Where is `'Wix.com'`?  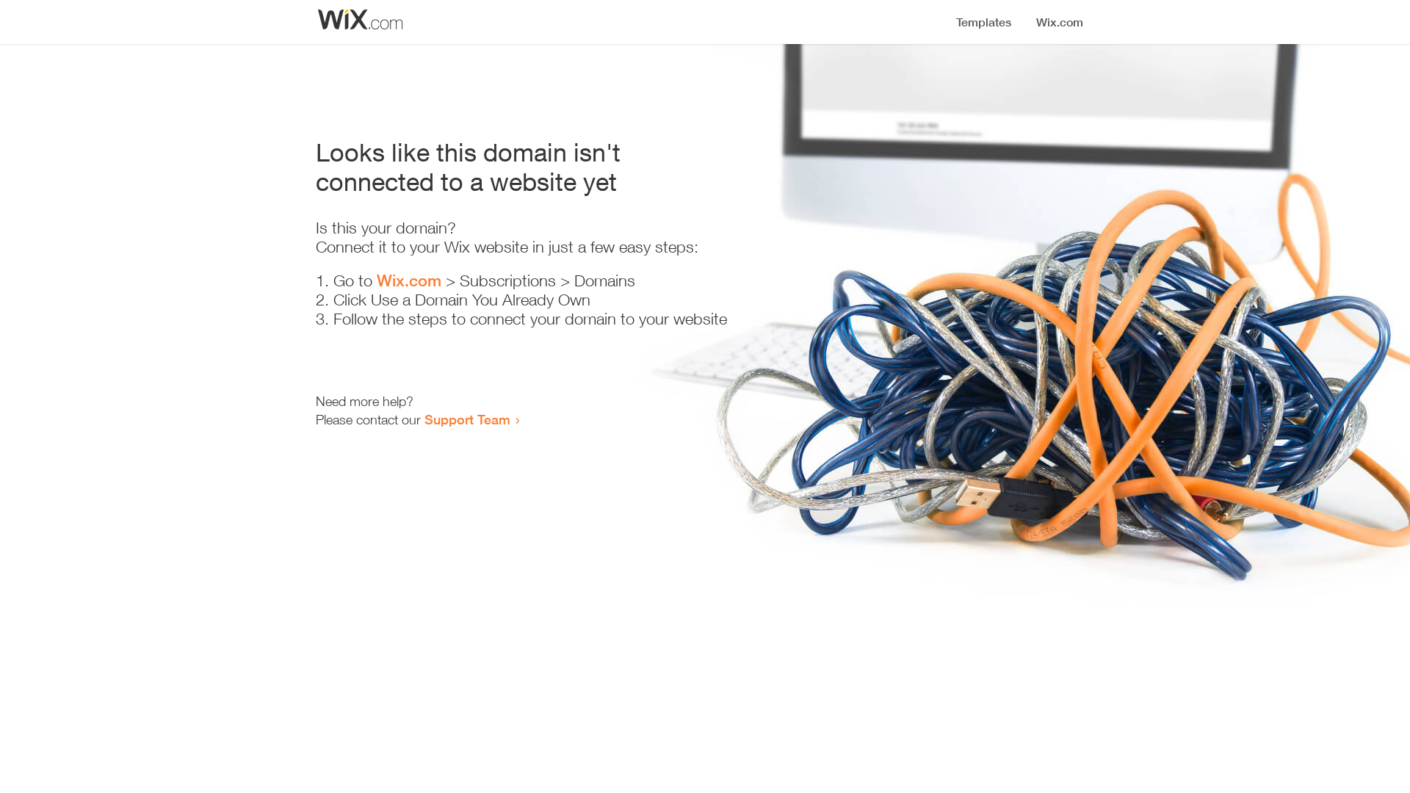 'Wix.com' is located at coordinates (408, 280).